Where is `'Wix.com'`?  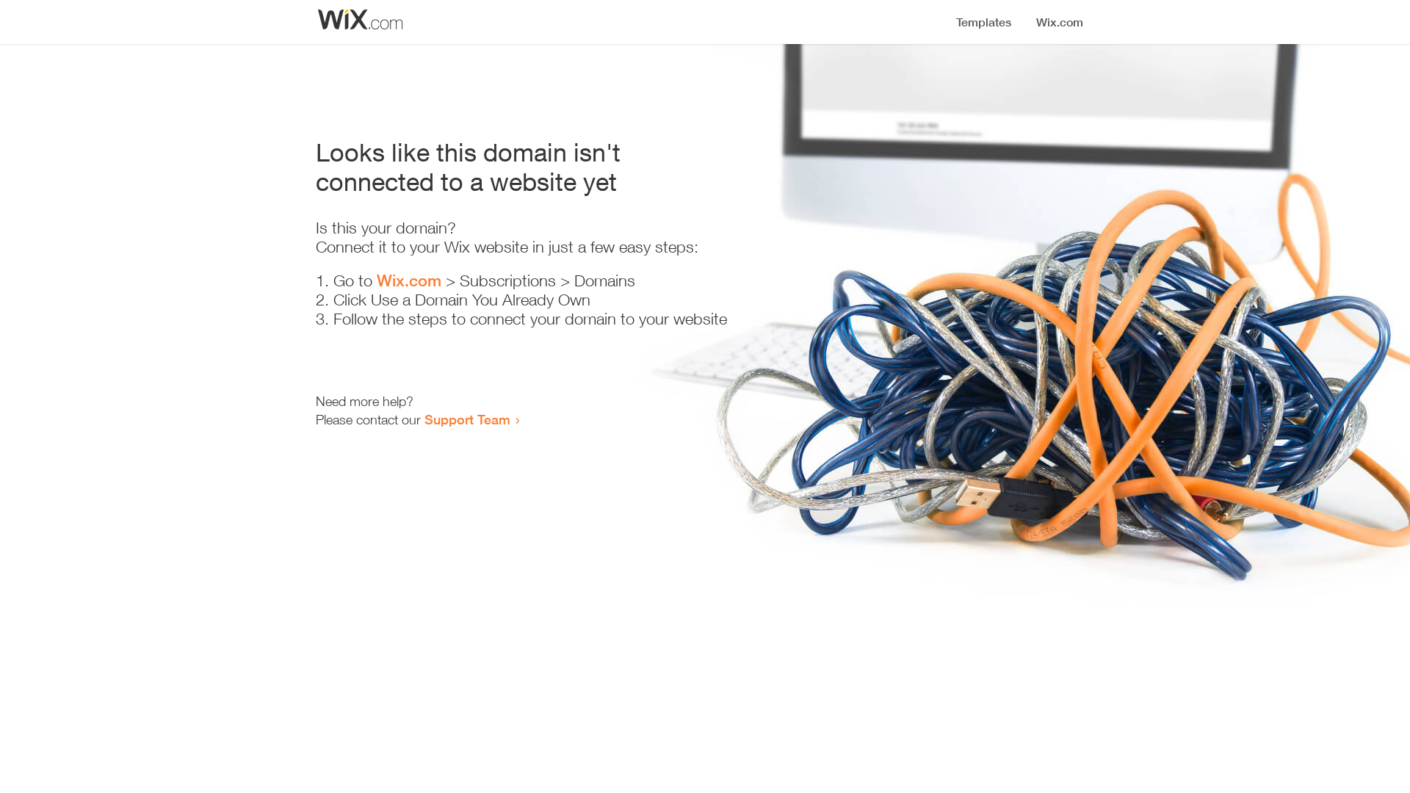 'Wix.com' is located at coordinates (408, 280).